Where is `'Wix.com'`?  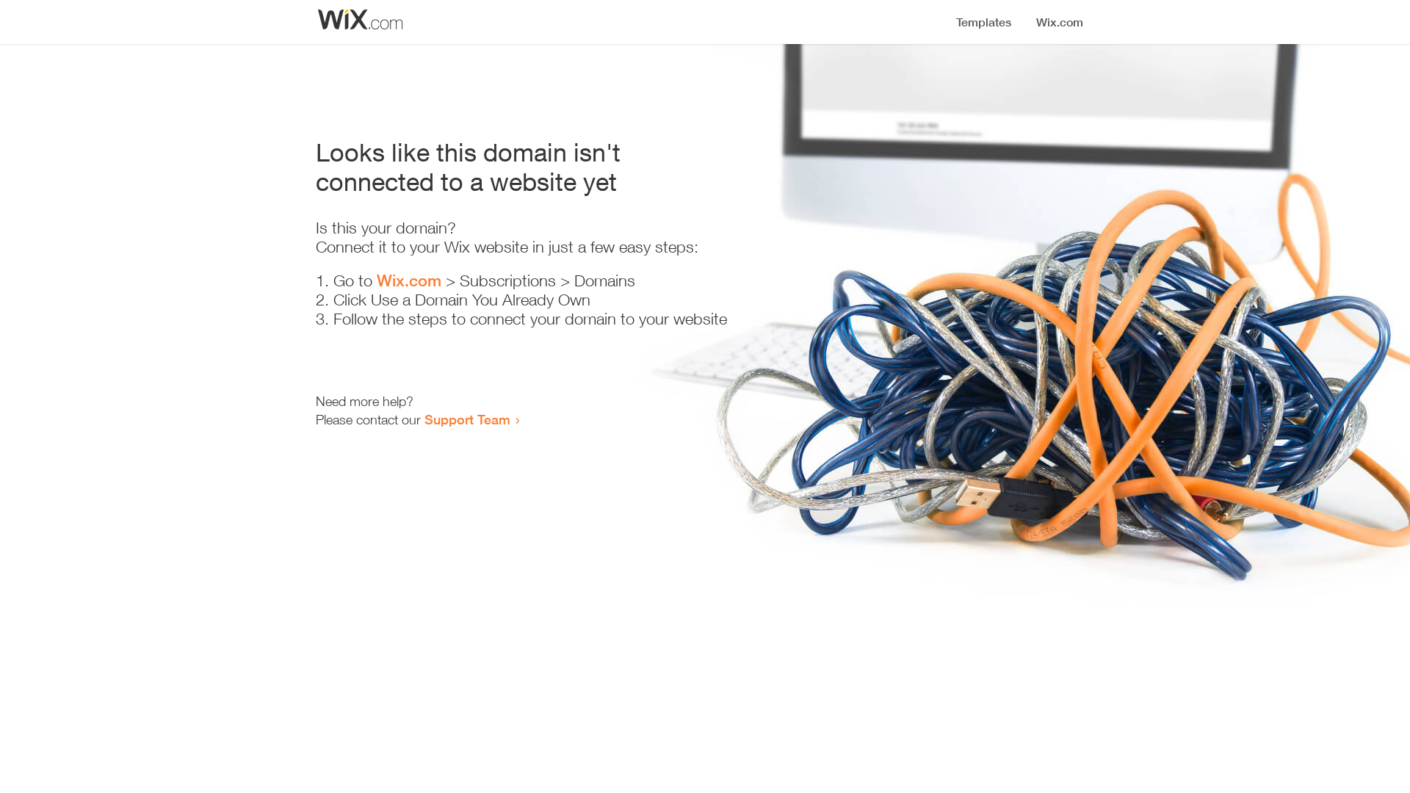 'Wix.com' is located at coordinates (408, 280).